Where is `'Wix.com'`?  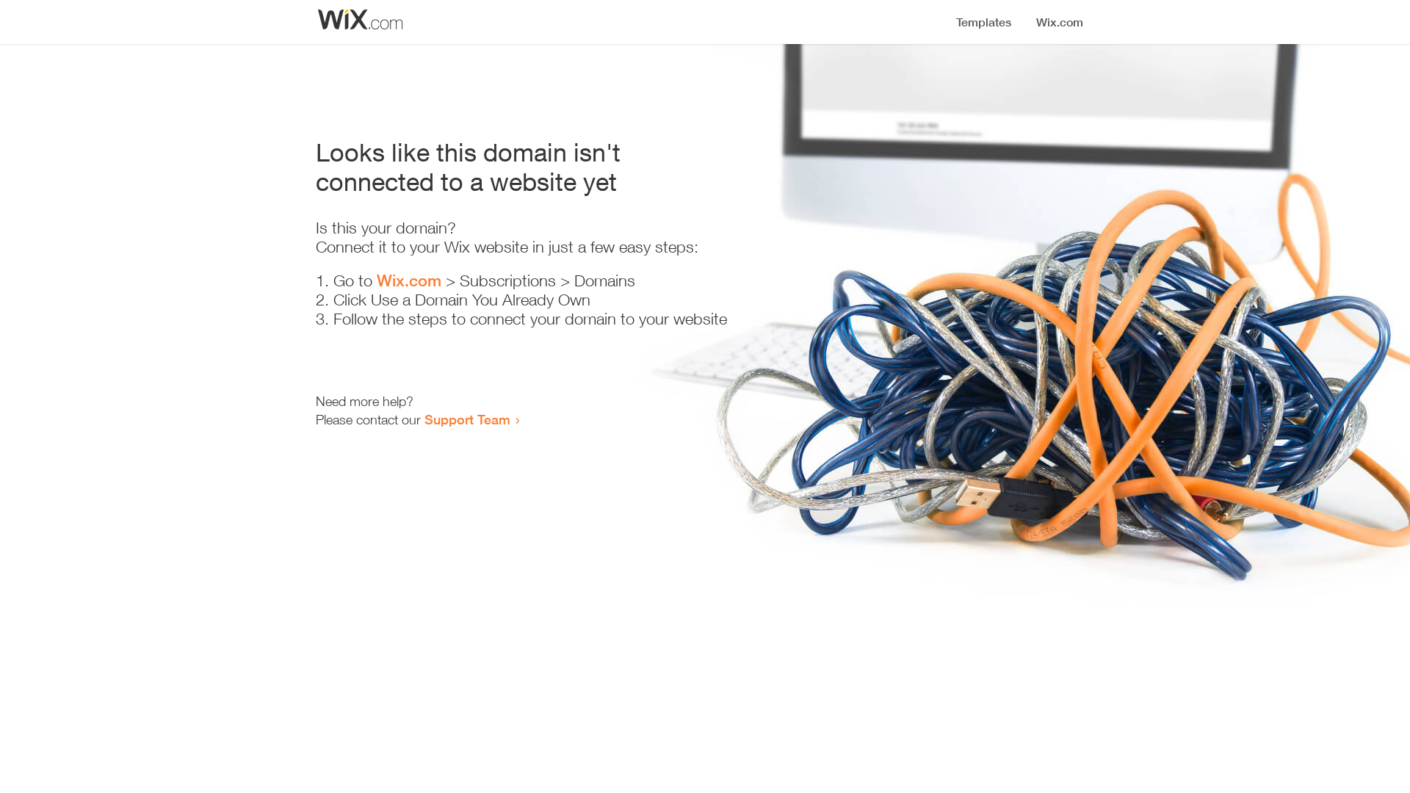 'Wix.com' is located at coordinates (408, 280).